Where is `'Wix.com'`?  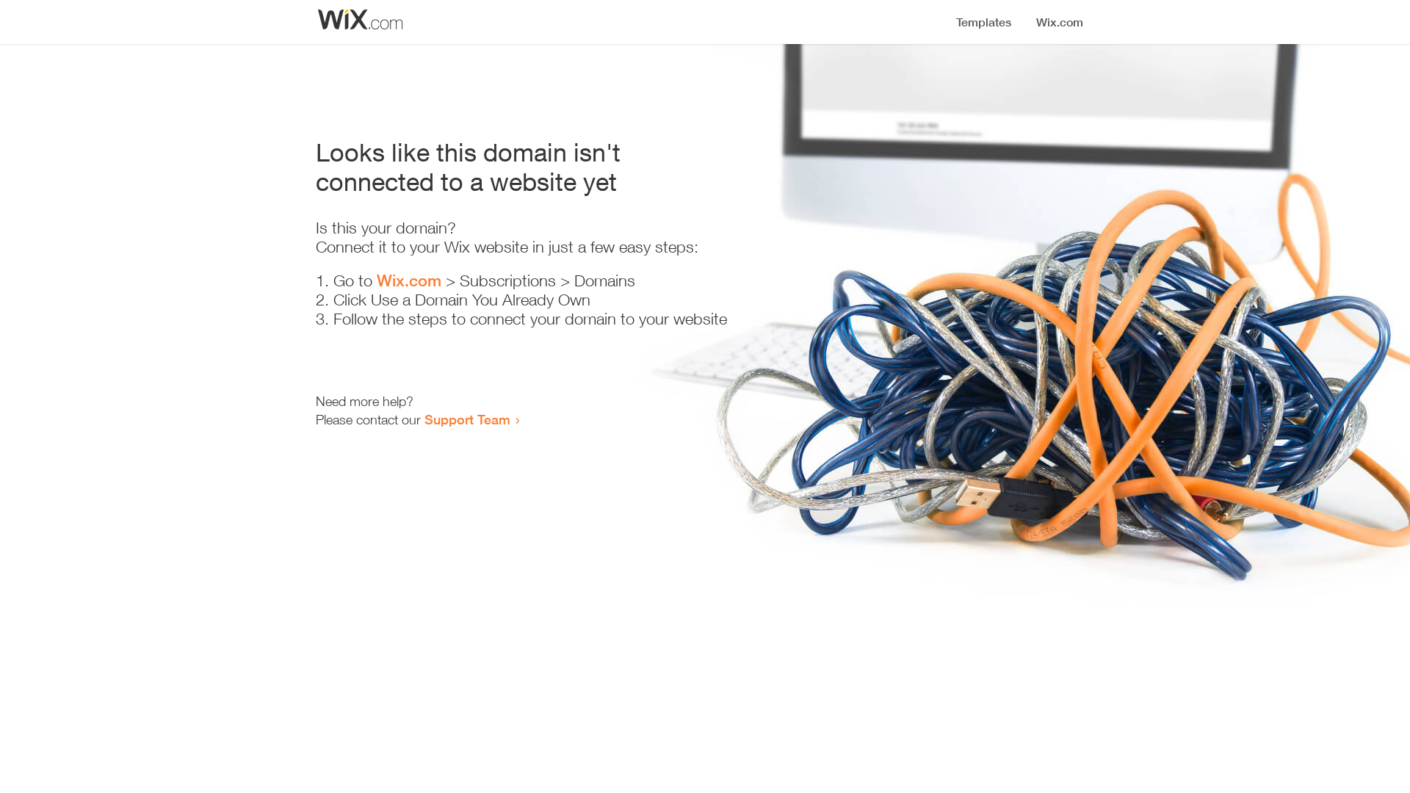 'Wix.com' is located at coordinates (408, 280).